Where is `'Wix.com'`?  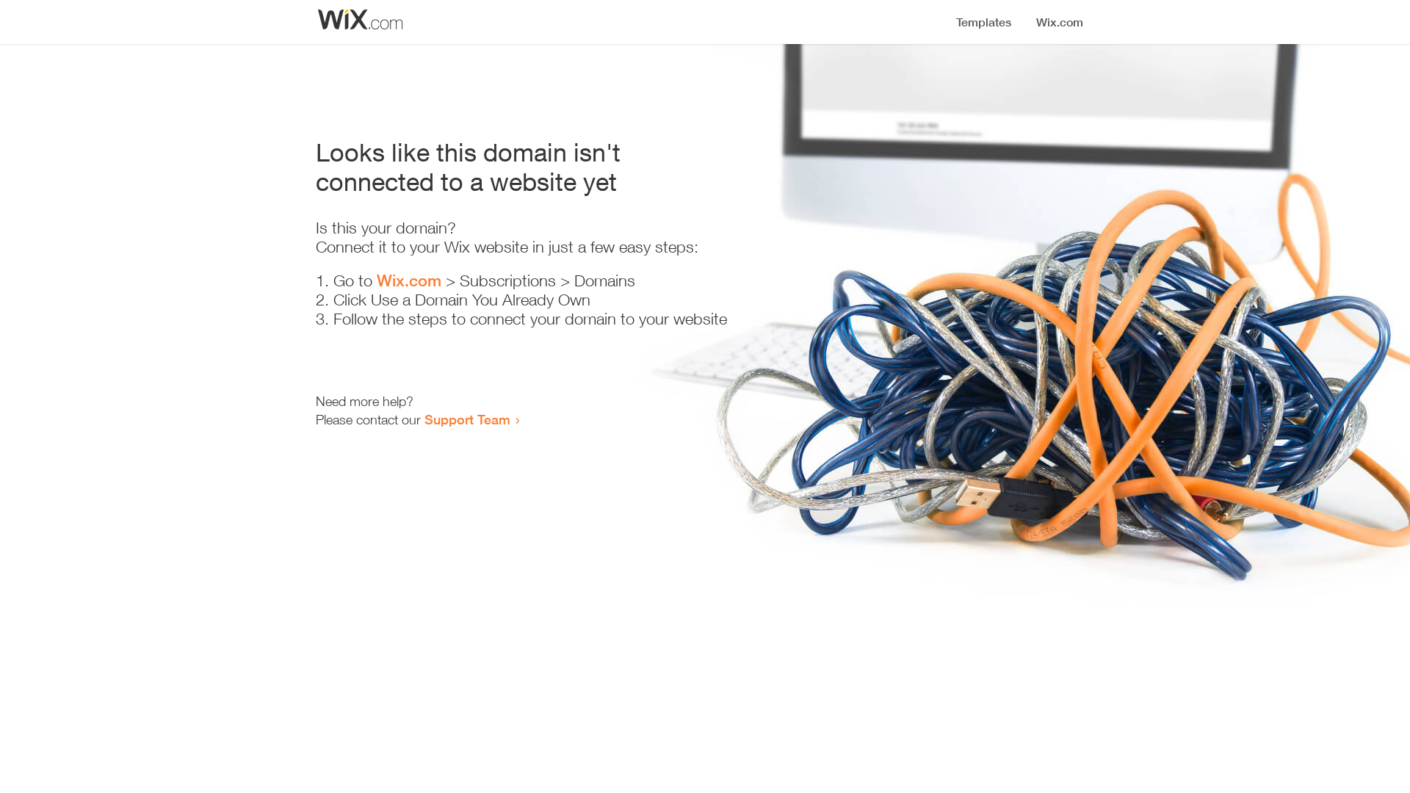 'Wix.com' is located at coordinates (408, 280).